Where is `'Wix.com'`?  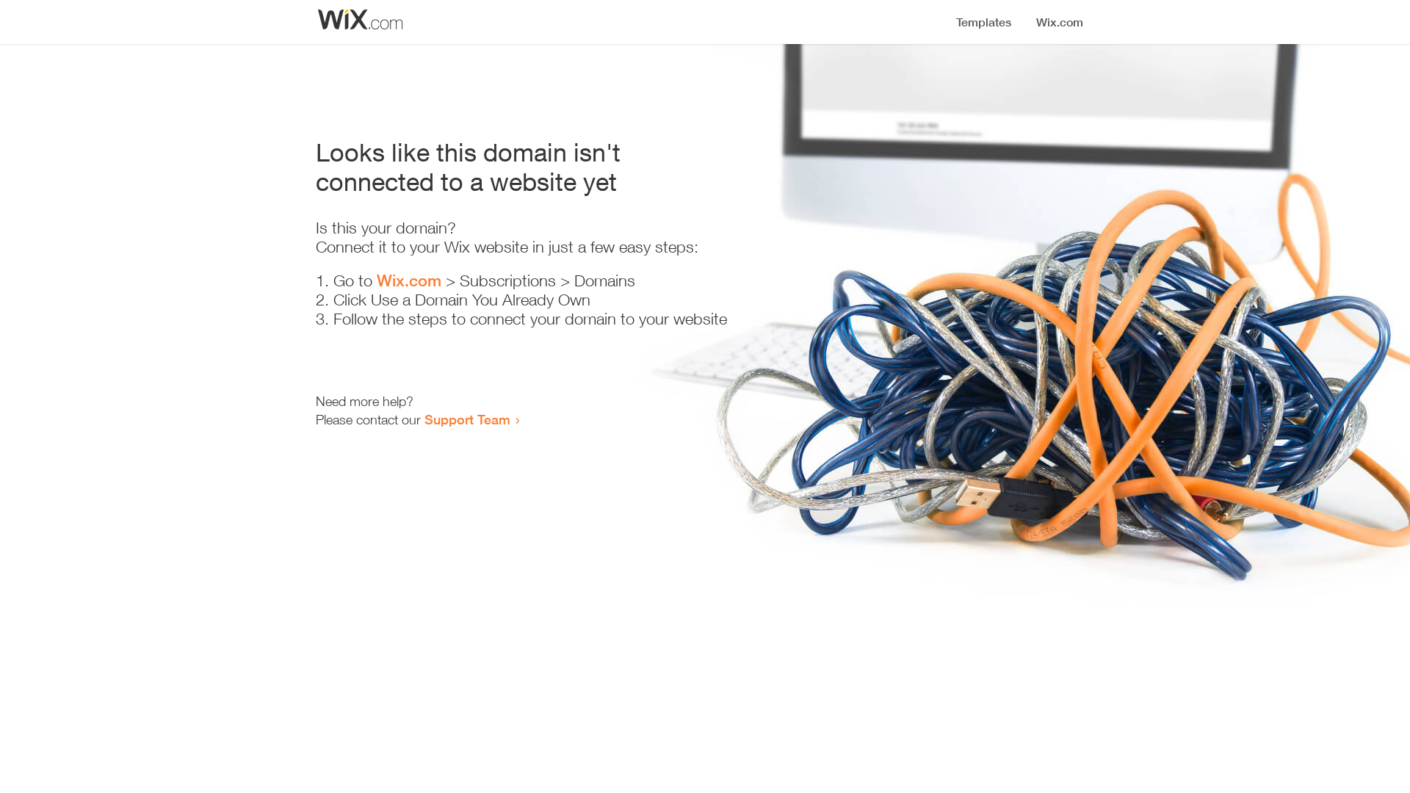 'Wix.com' is located at coordinates (408, 280).